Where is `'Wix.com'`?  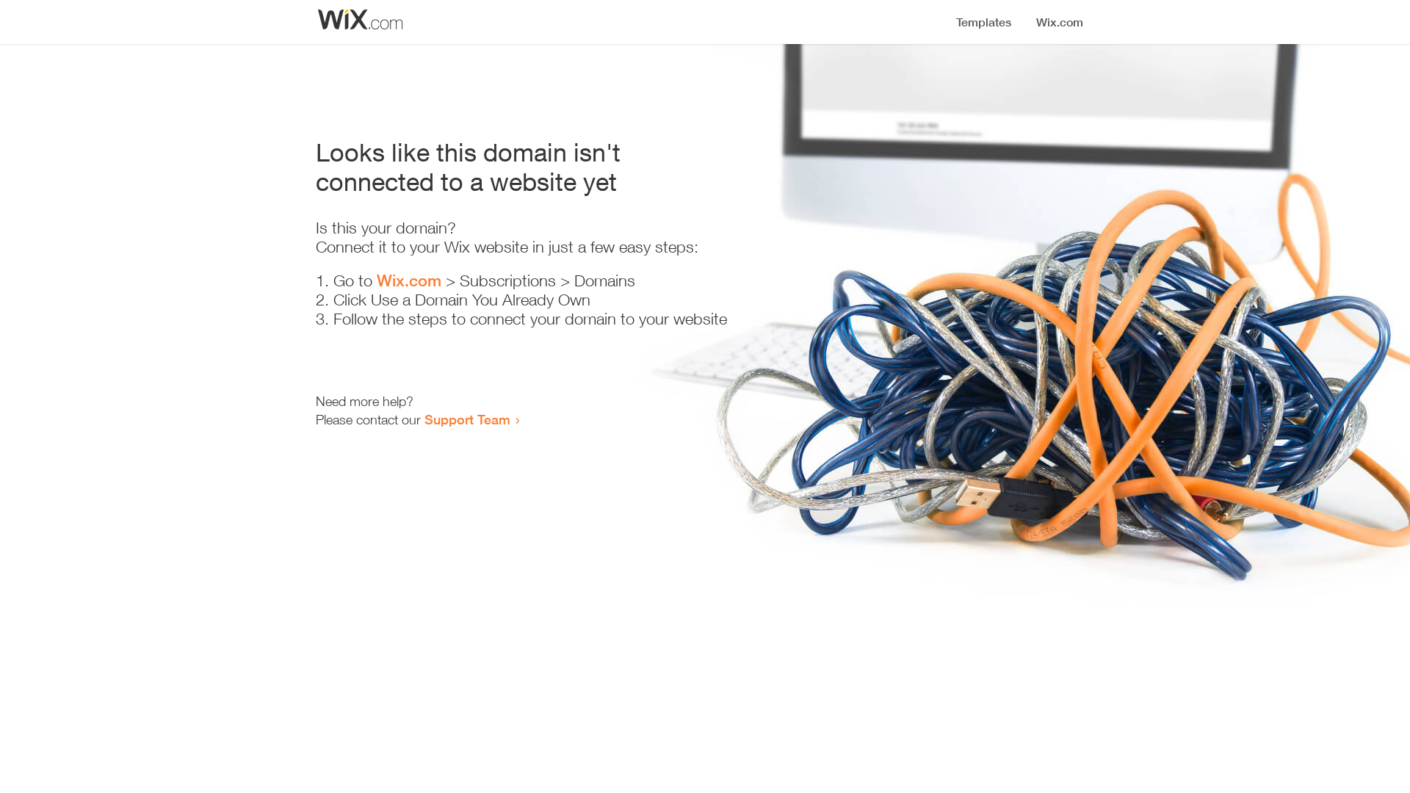 'Wix.com' is located at coordinates (408, 280).